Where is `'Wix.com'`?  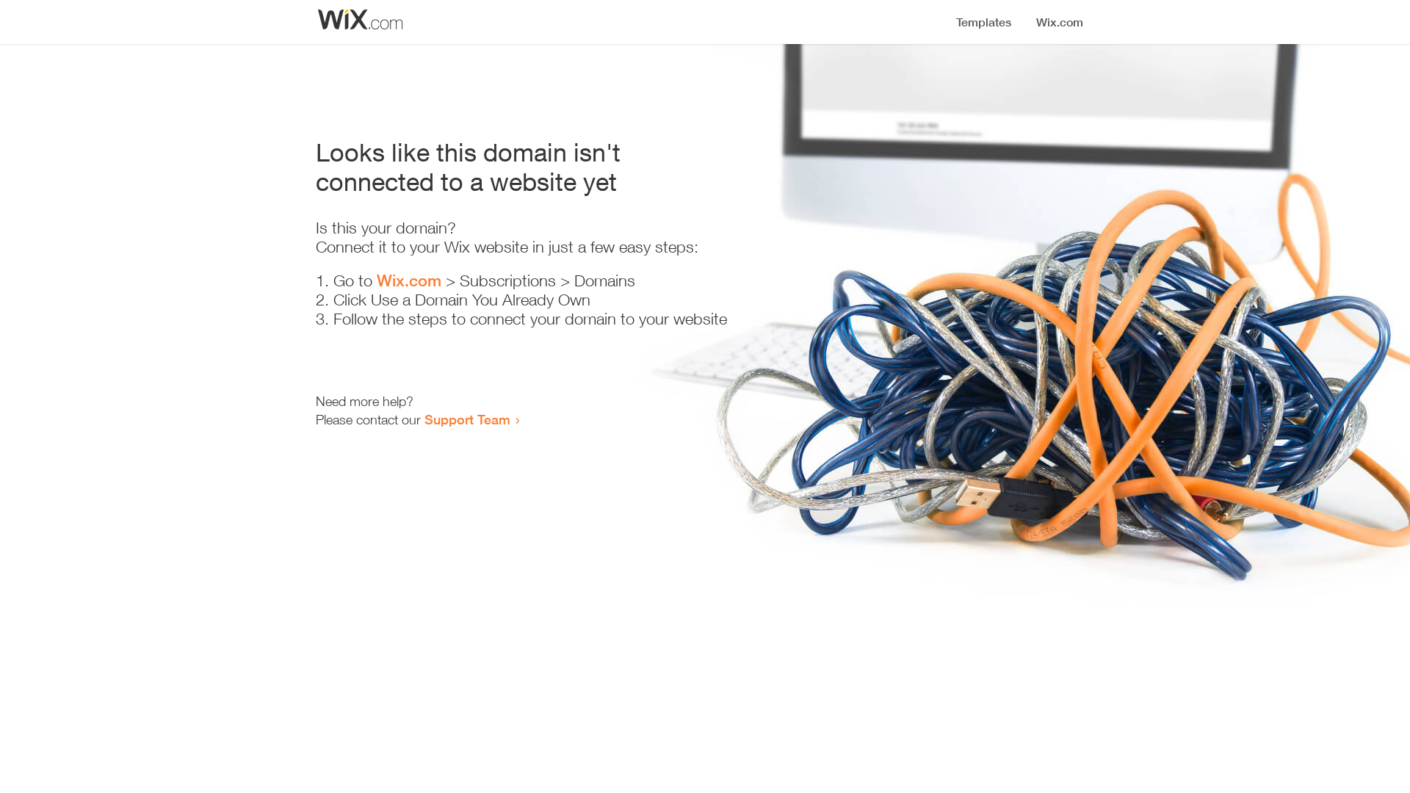 'Wix.com' is located at coordinates (408, 280).